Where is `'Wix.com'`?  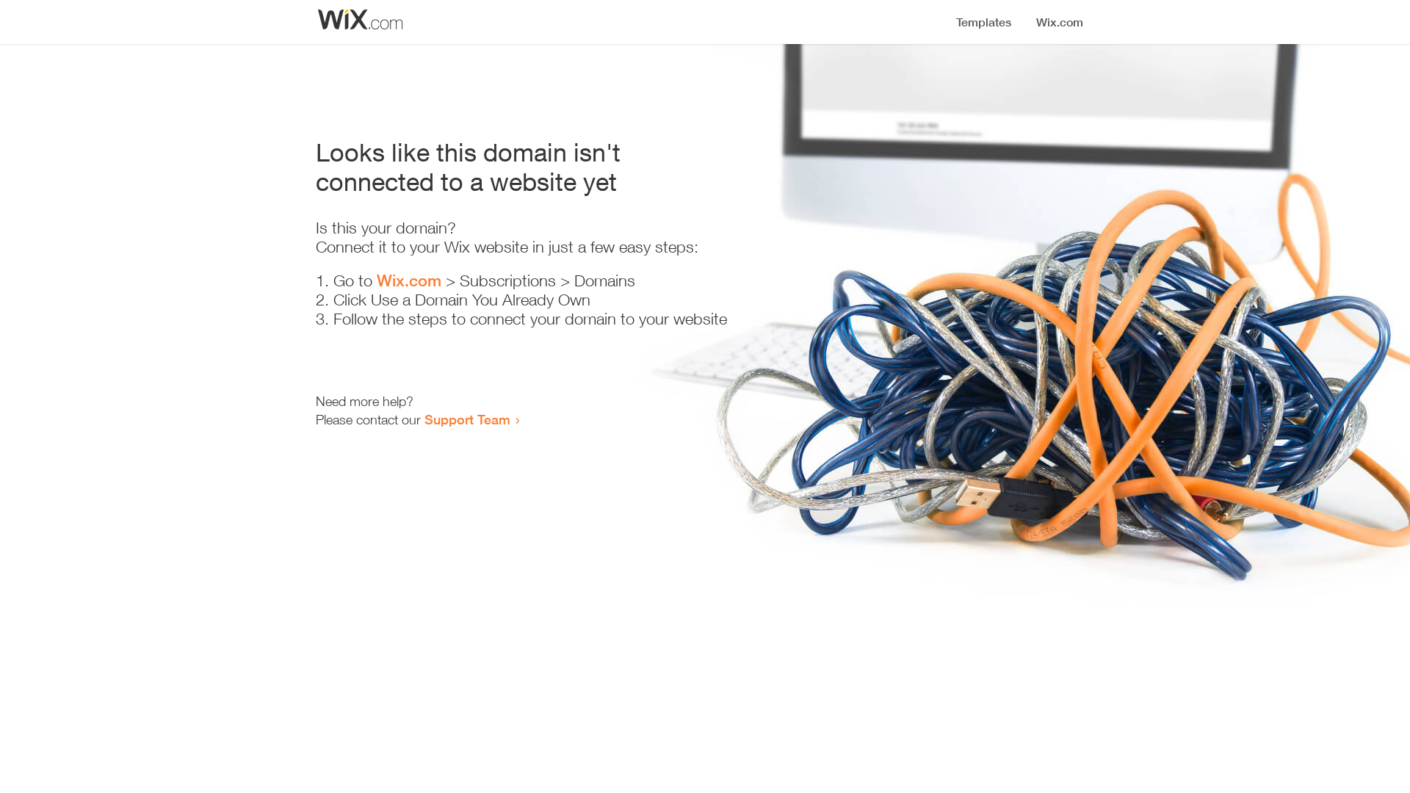 'Wix.com' is located at coordinates (408, 280).